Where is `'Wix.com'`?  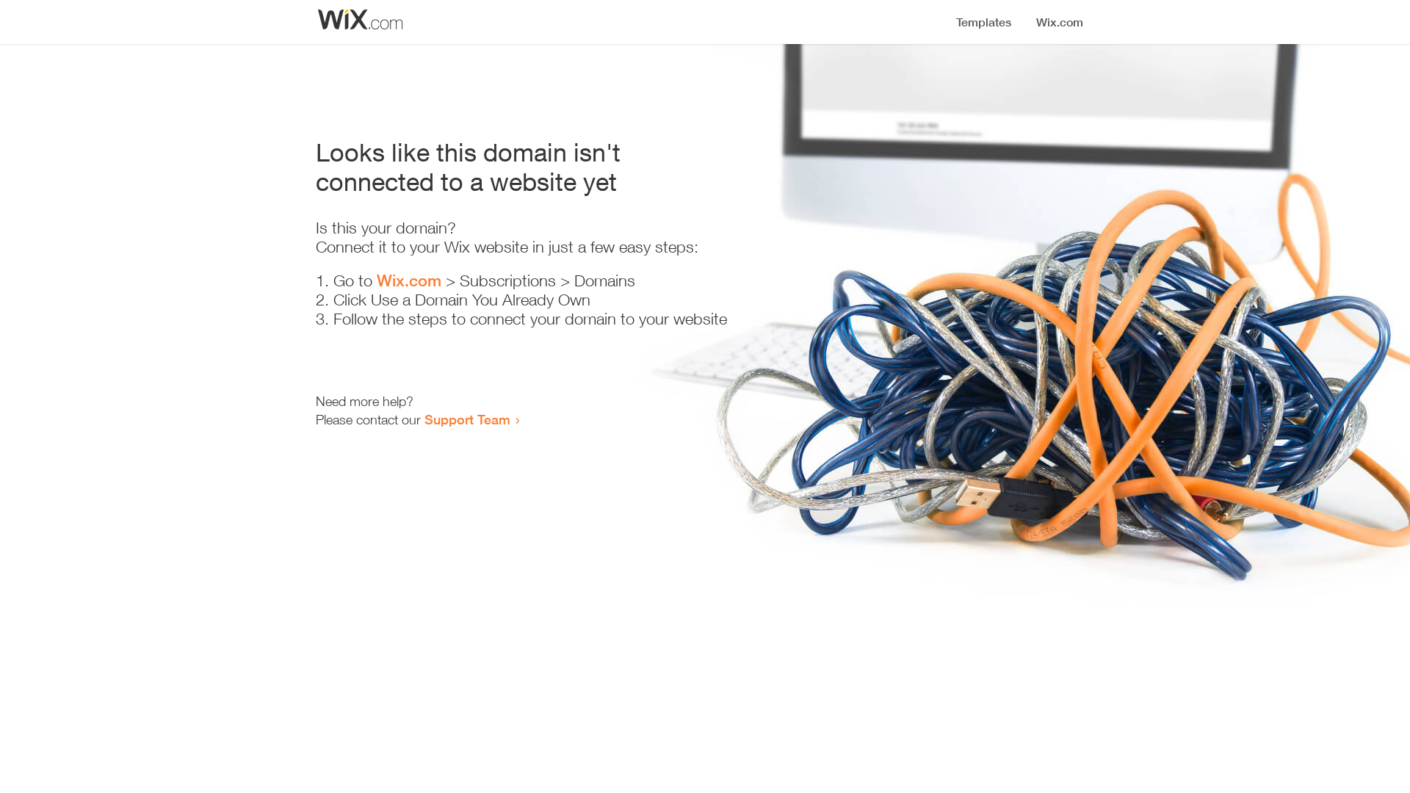 'Wix.com' is located at coordinates (408, 280).